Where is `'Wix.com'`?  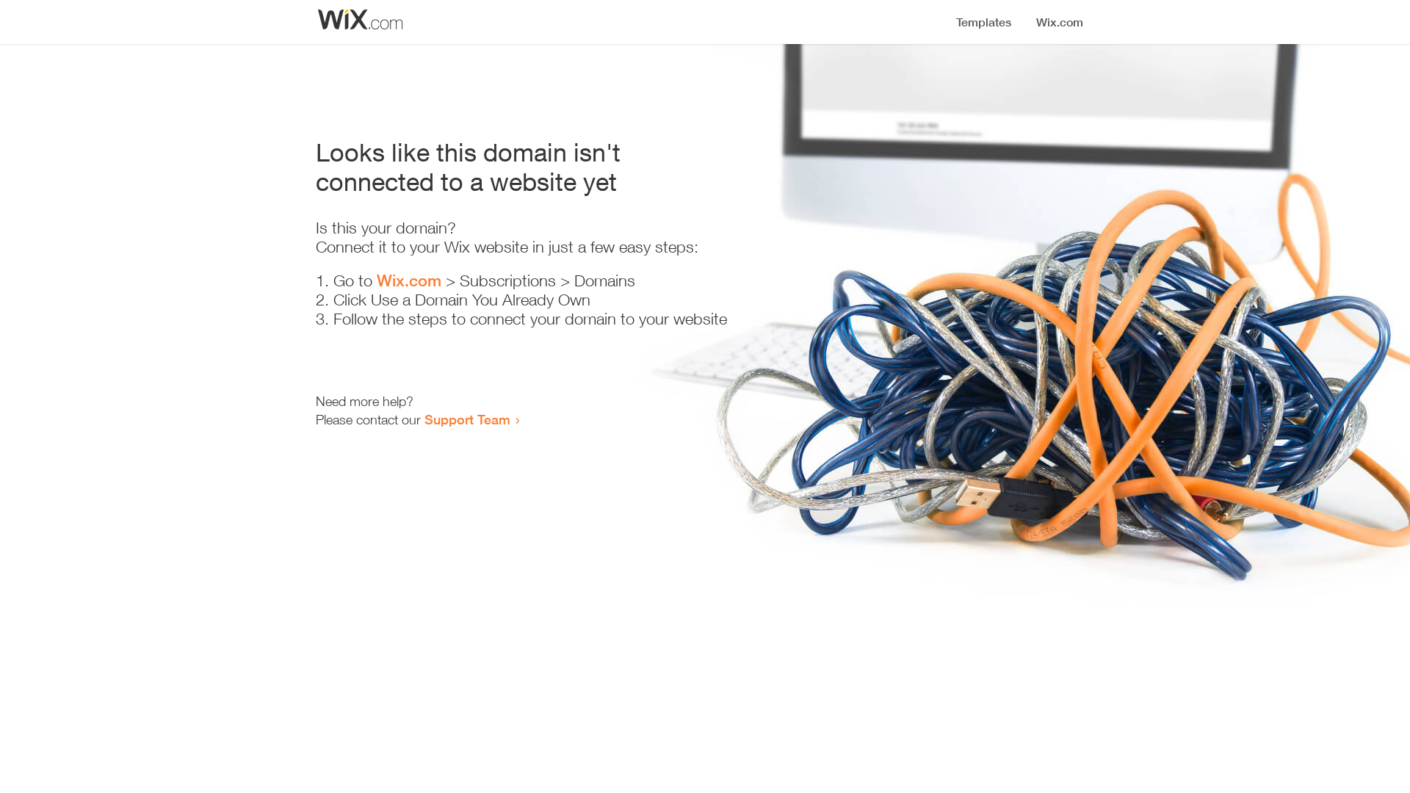 'Wix.com' is located at coordinates (408, 280).